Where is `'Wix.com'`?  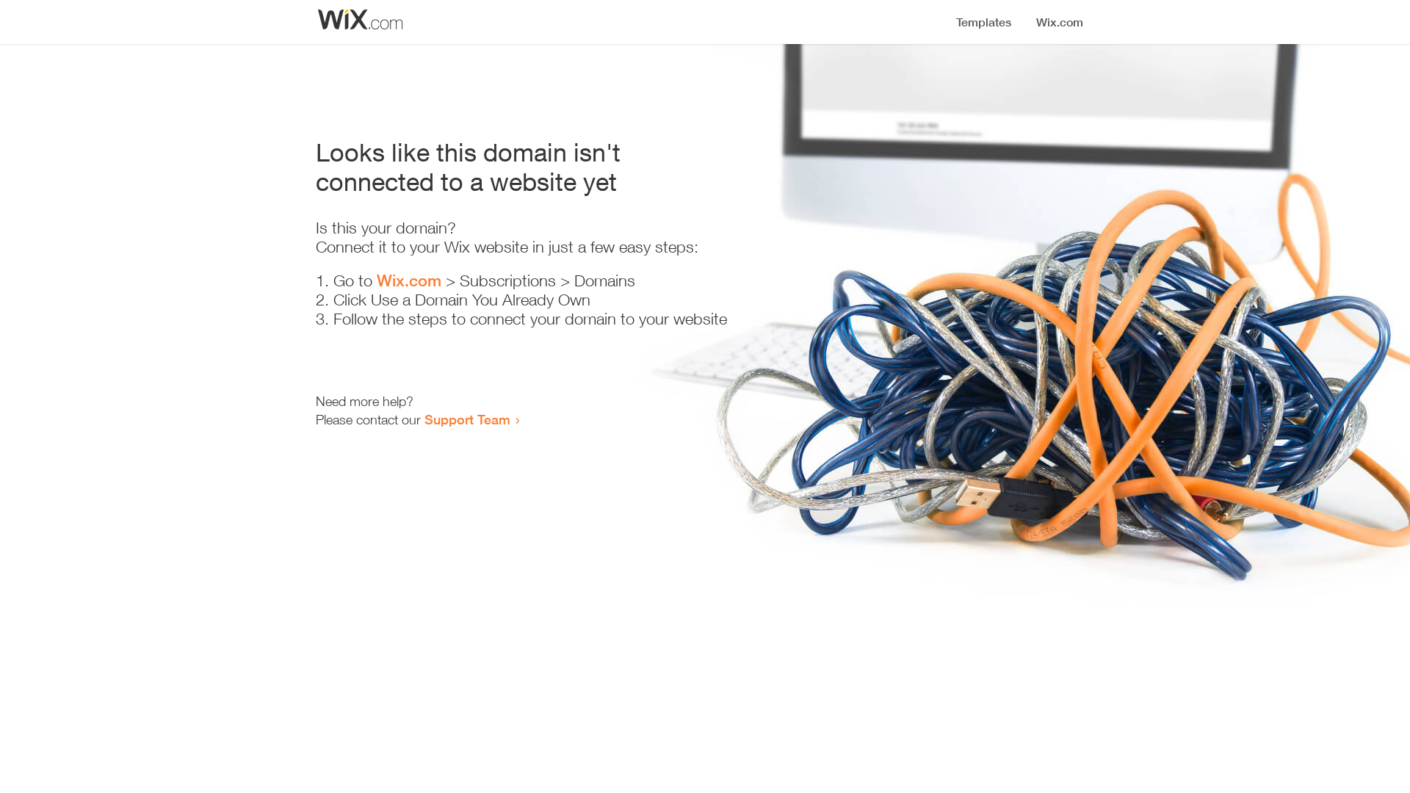 'Wix.com' is located at coordinates (408, 280).